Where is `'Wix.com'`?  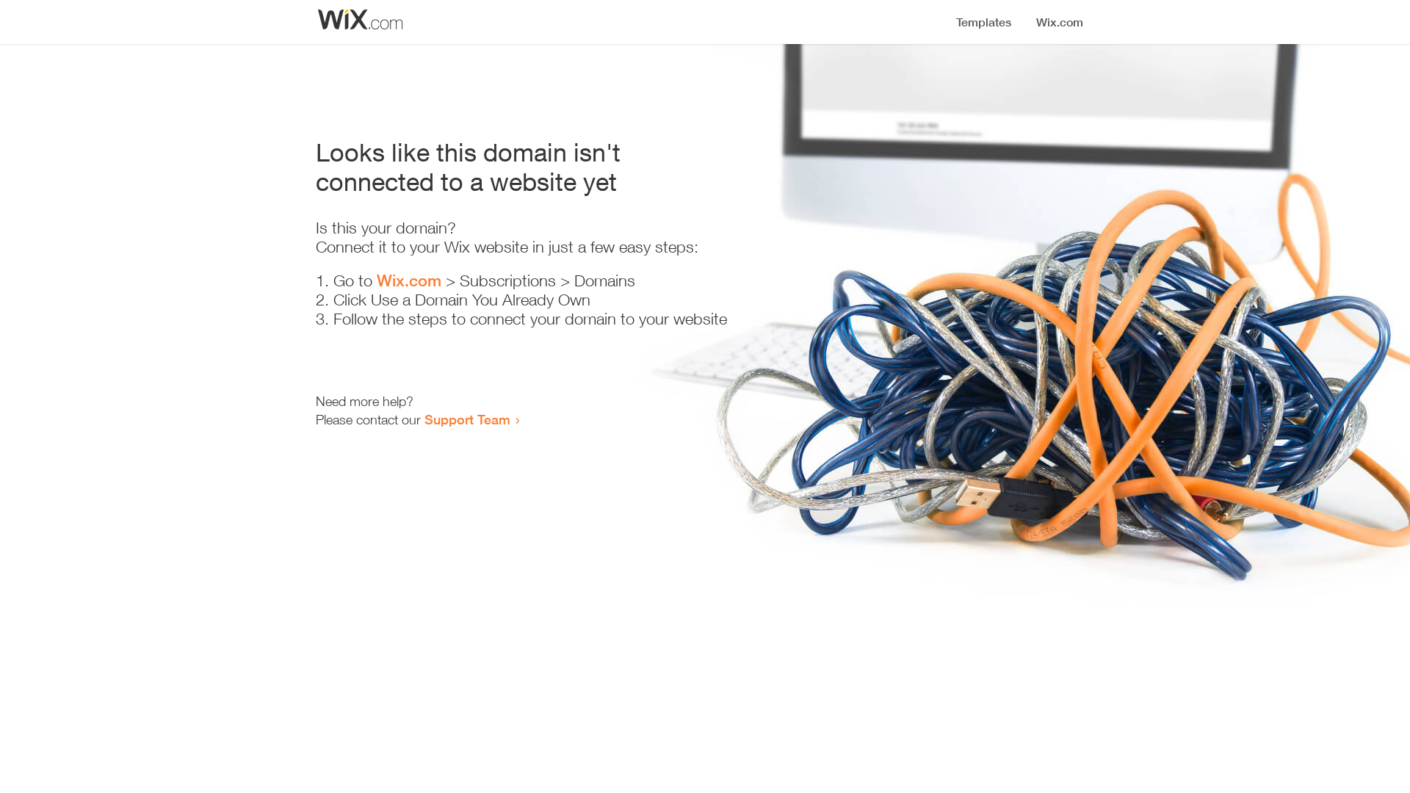 'Wix.com' is located at coordinates (408, 280).